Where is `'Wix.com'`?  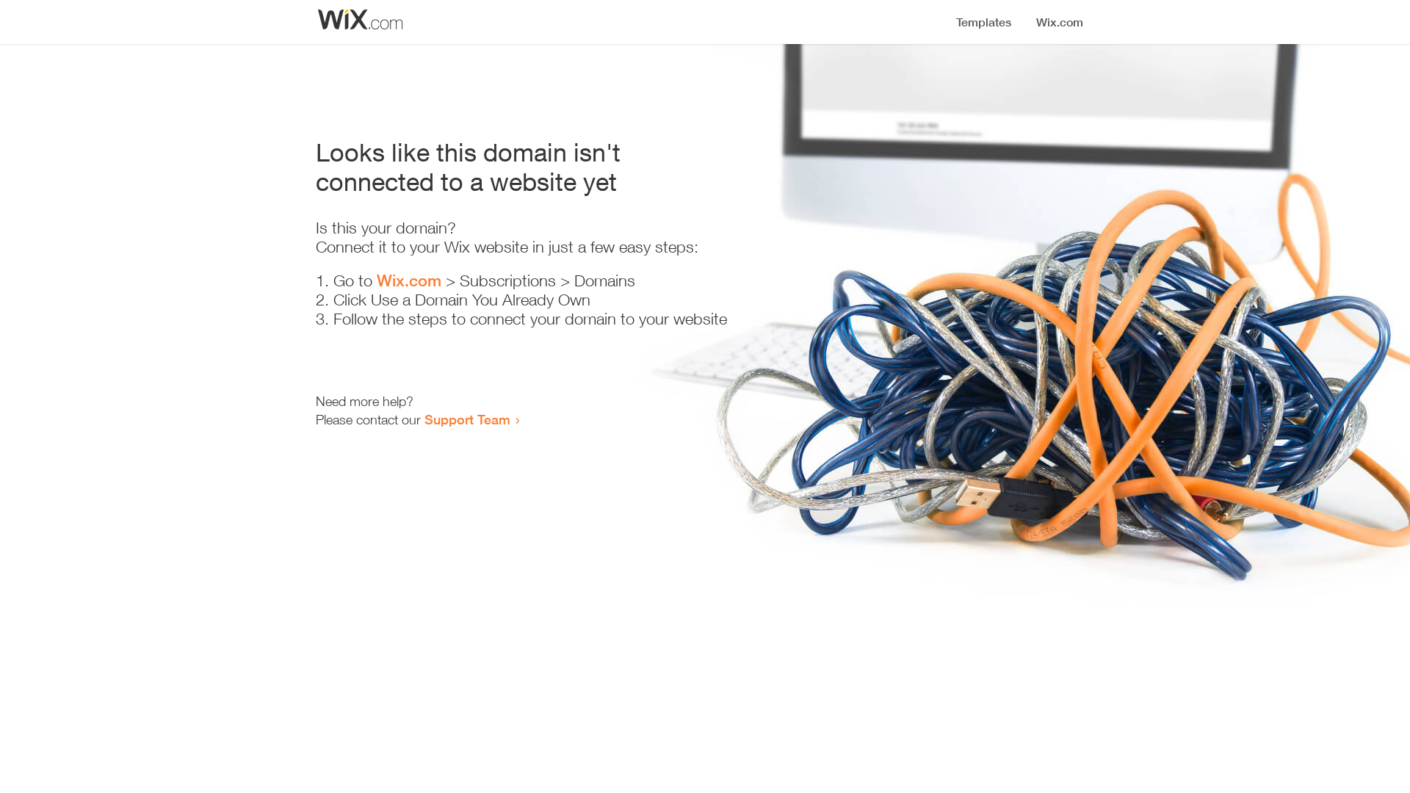 'Wix.com' is located at coordinates (408, 280).